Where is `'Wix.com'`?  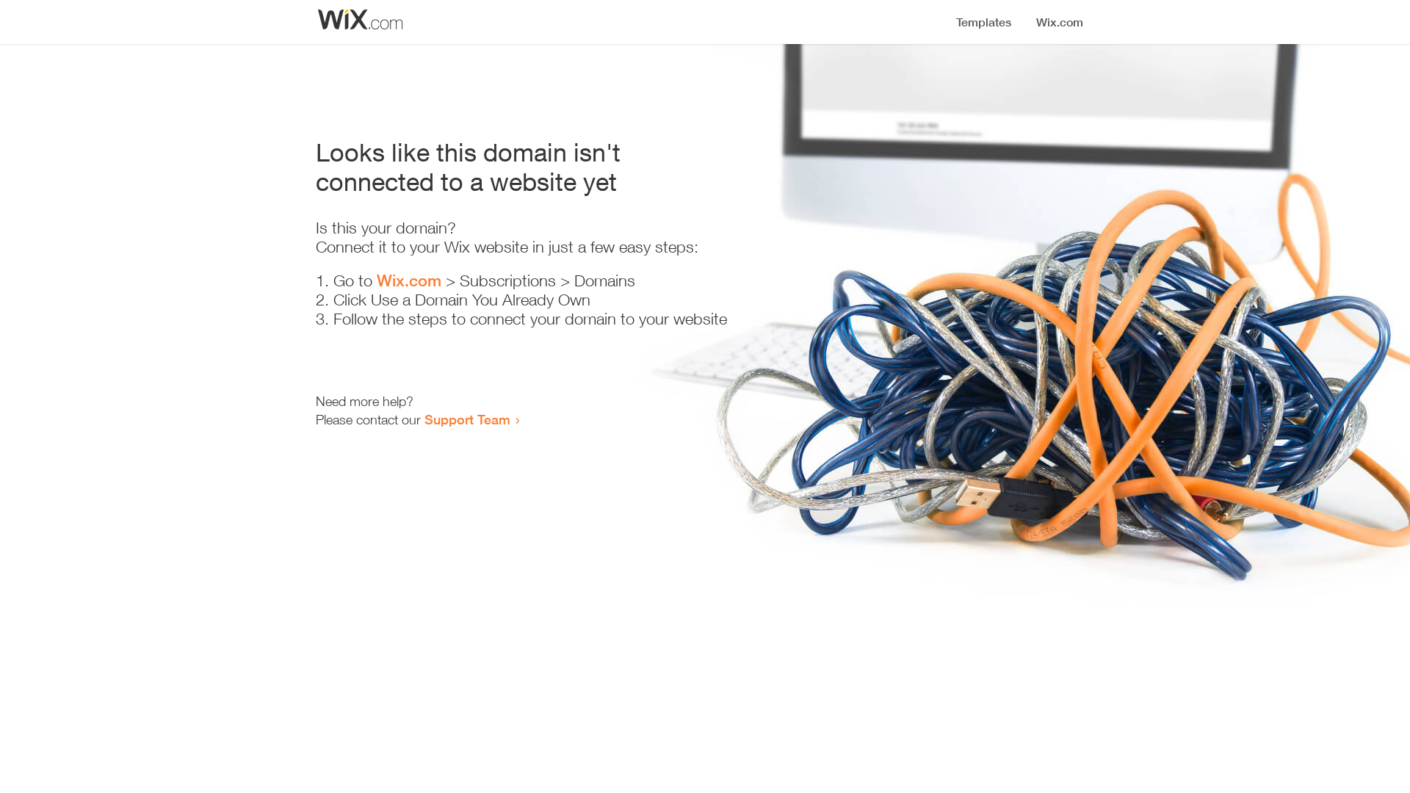 'Wix.com' is located at coordinates (408, 280).